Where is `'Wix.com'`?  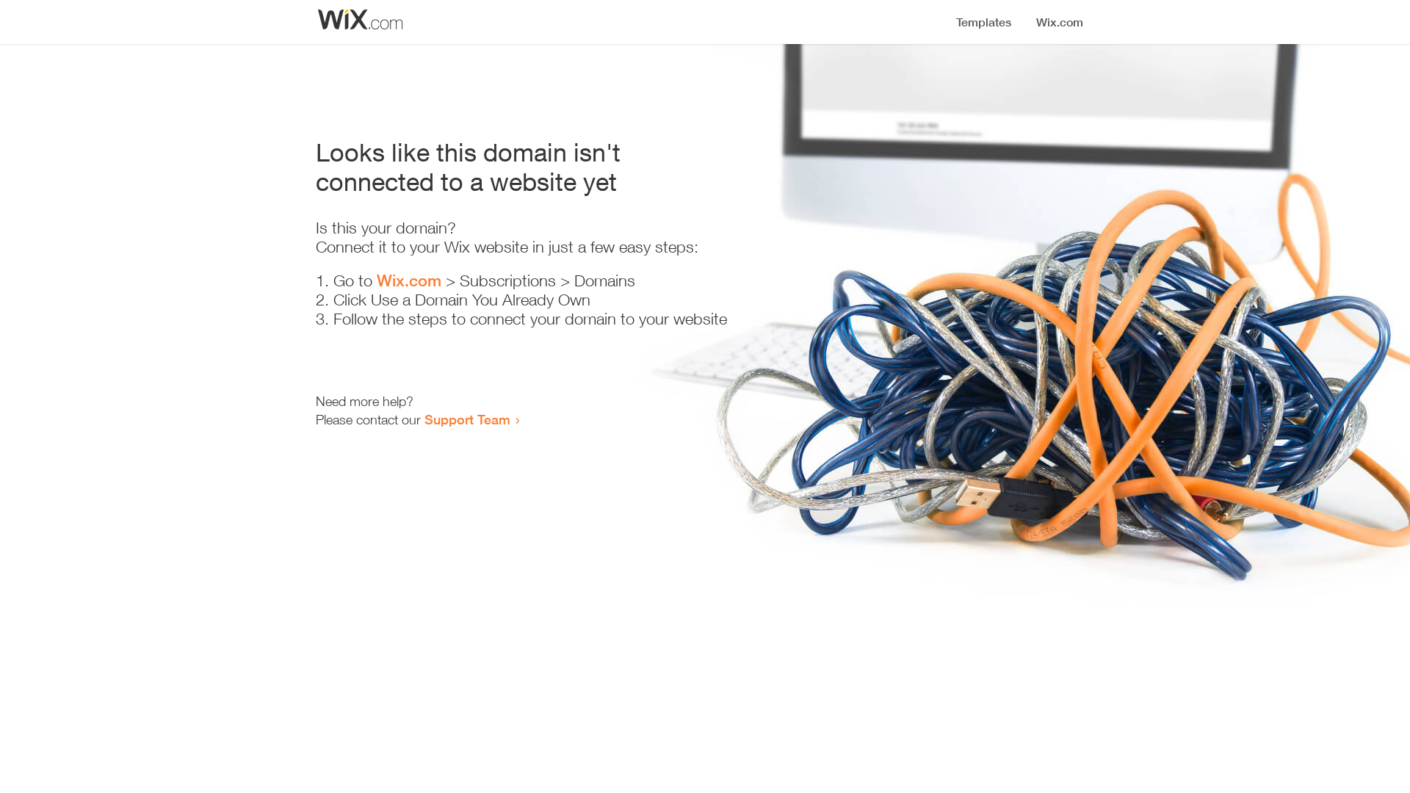 'Wix.com' is located at coordinates (408, 280).